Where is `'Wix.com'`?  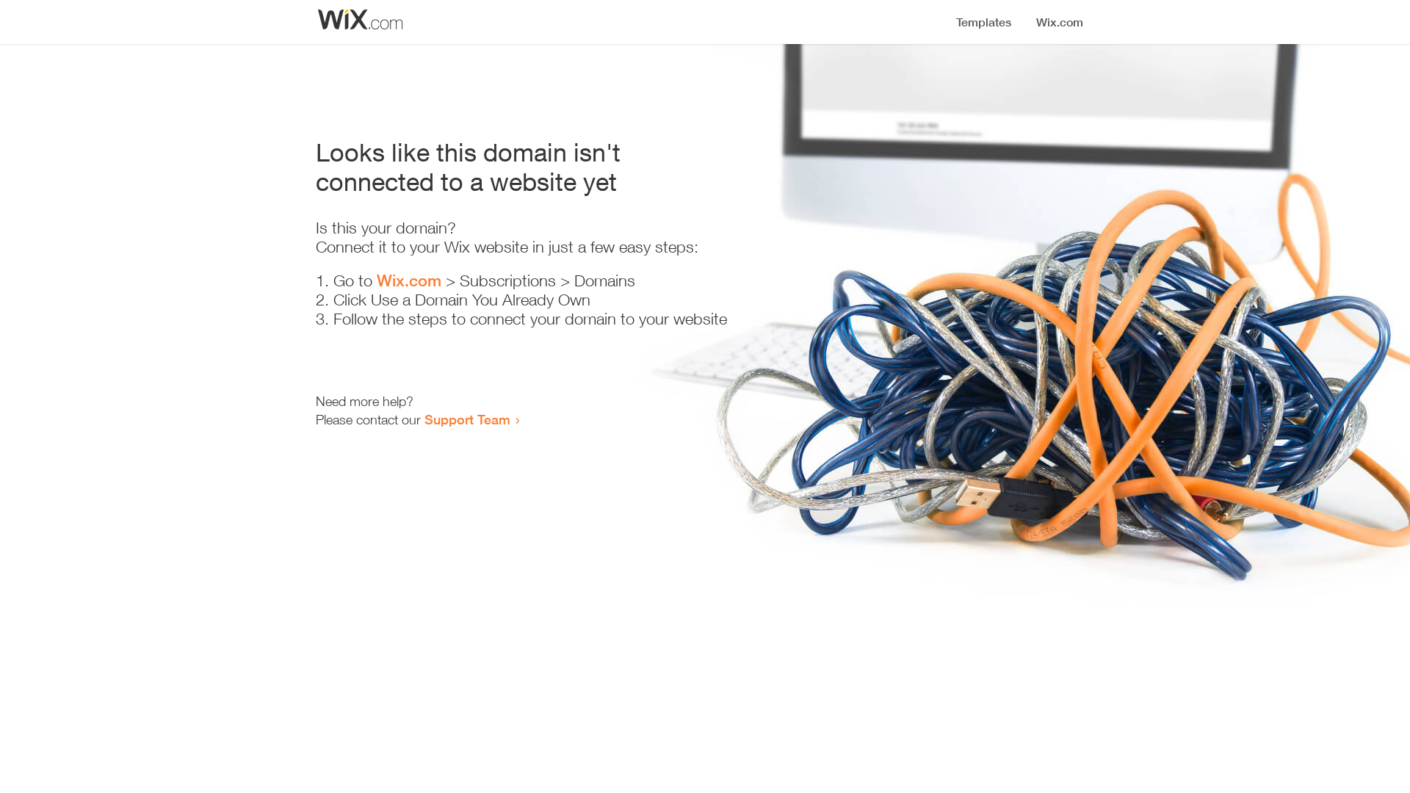 'Wix.com' is located at coordinates (408, 280).